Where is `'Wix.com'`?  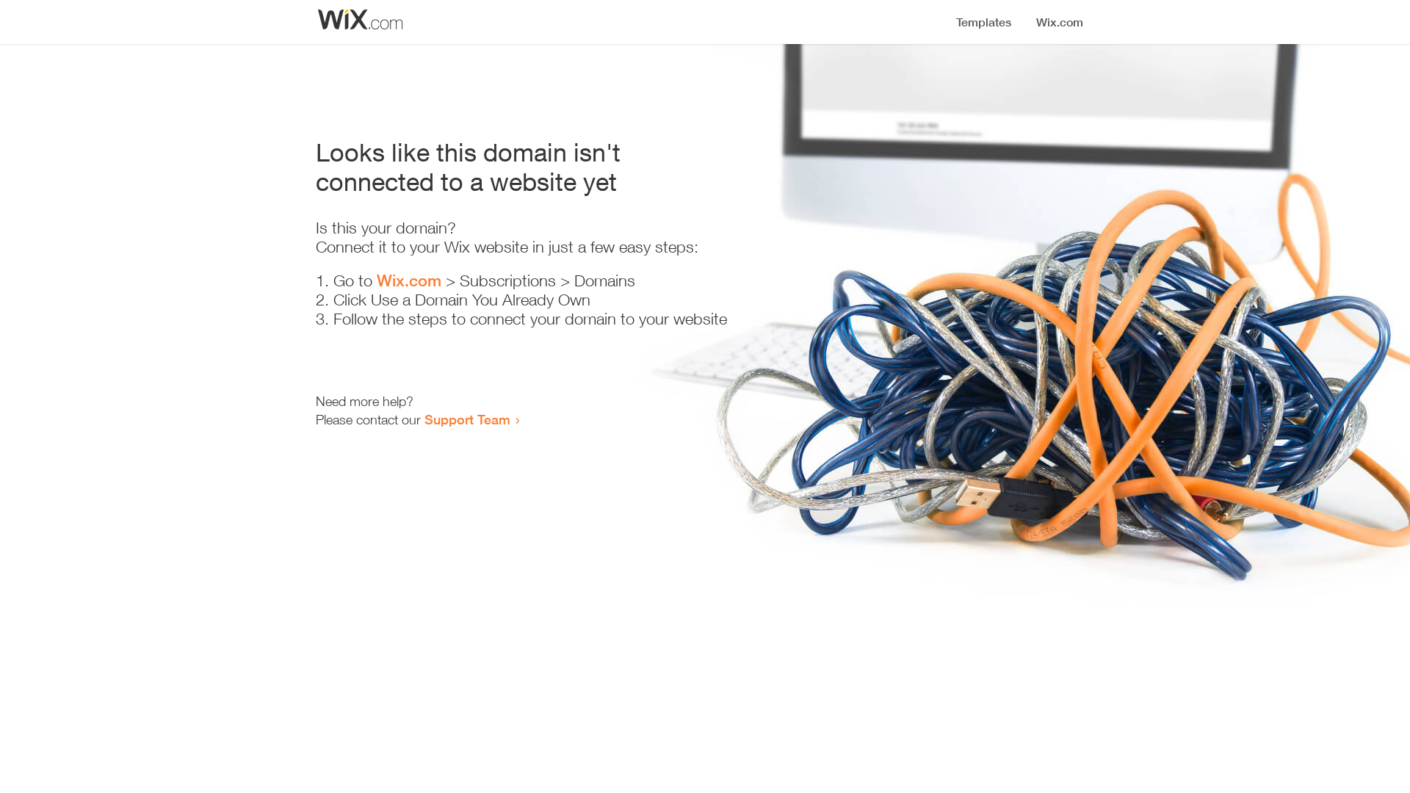 'Wix.com' is located at coordinates (408, 280).